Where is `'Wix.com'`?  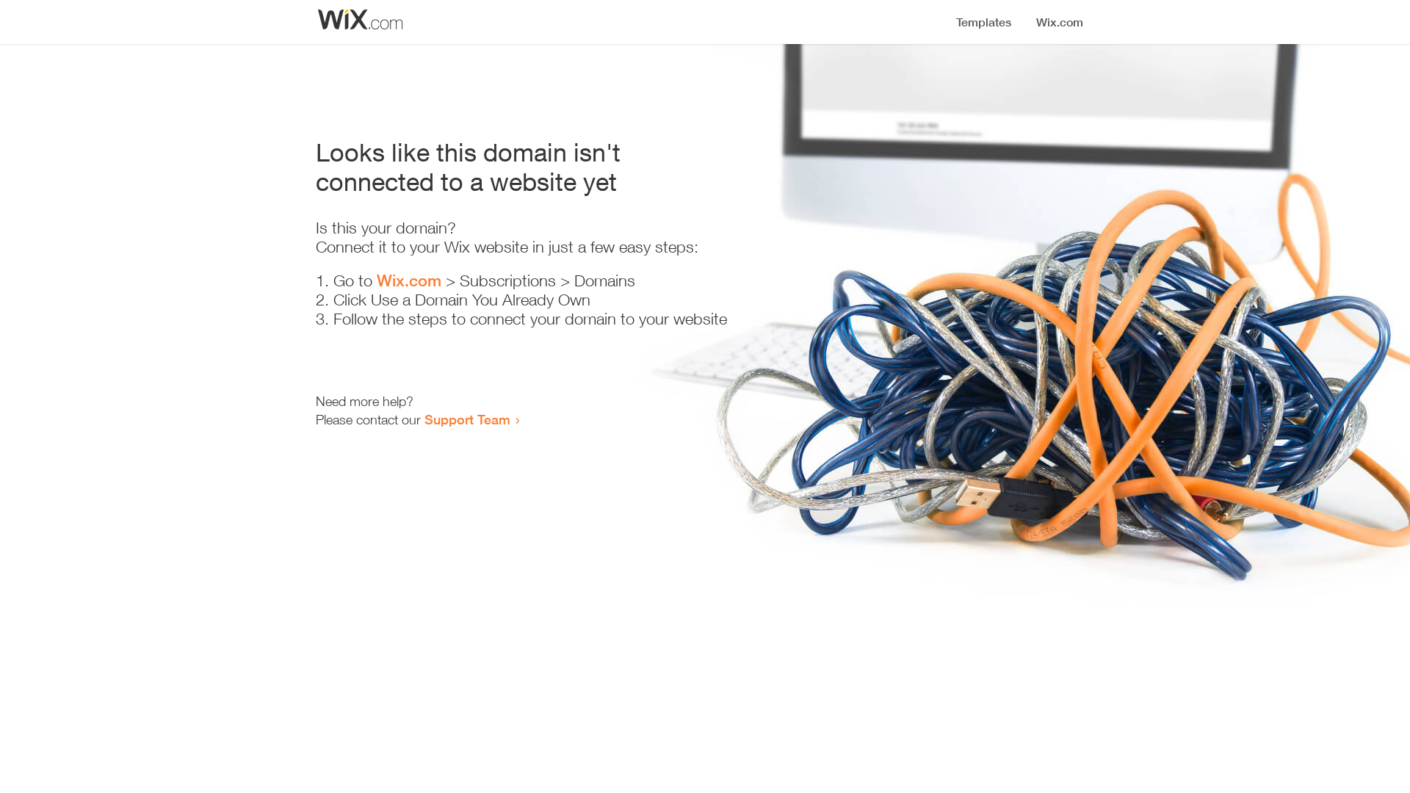 'Wix.com' is located at coordinates (408, 280).